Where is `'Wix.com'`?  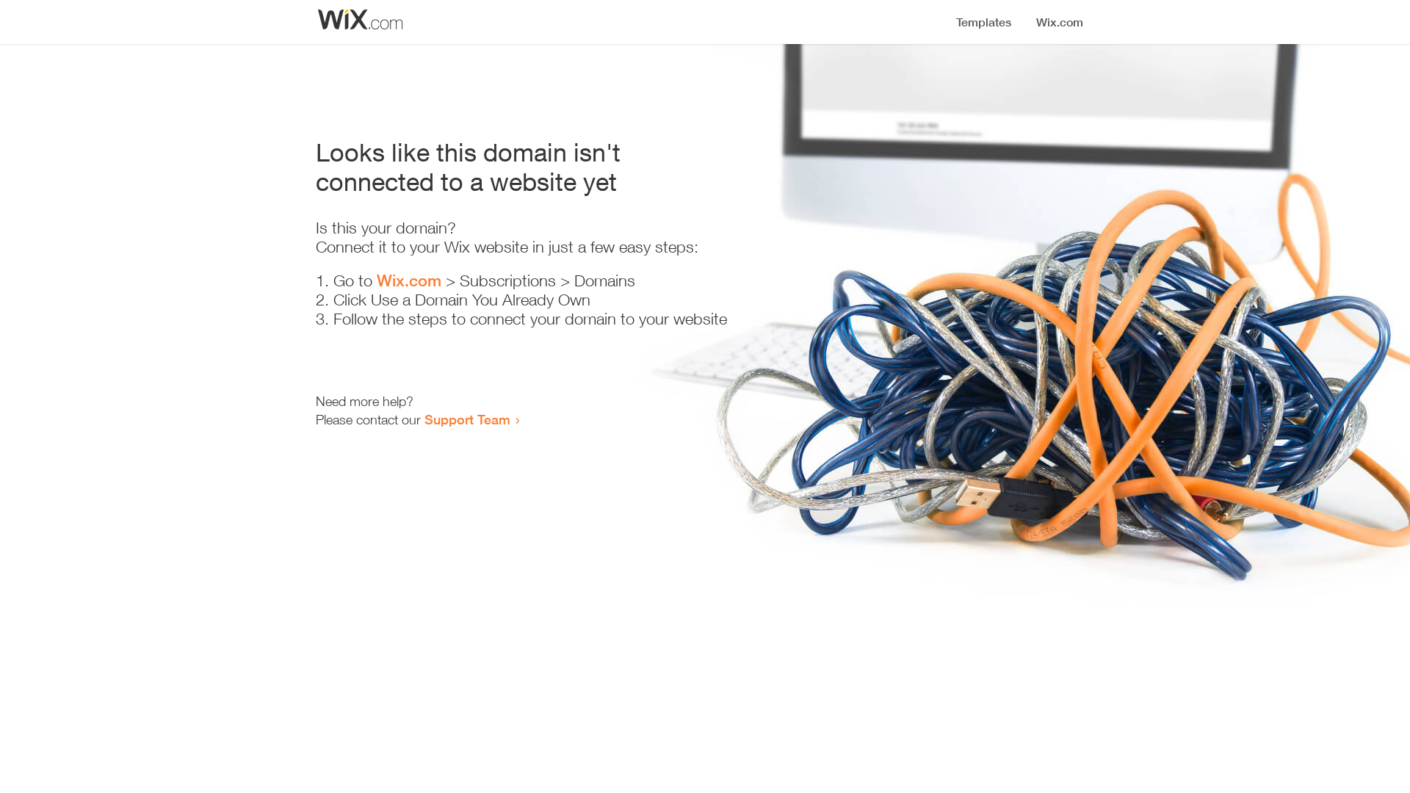 'Wix.com' is located at coordinates (408, 280).